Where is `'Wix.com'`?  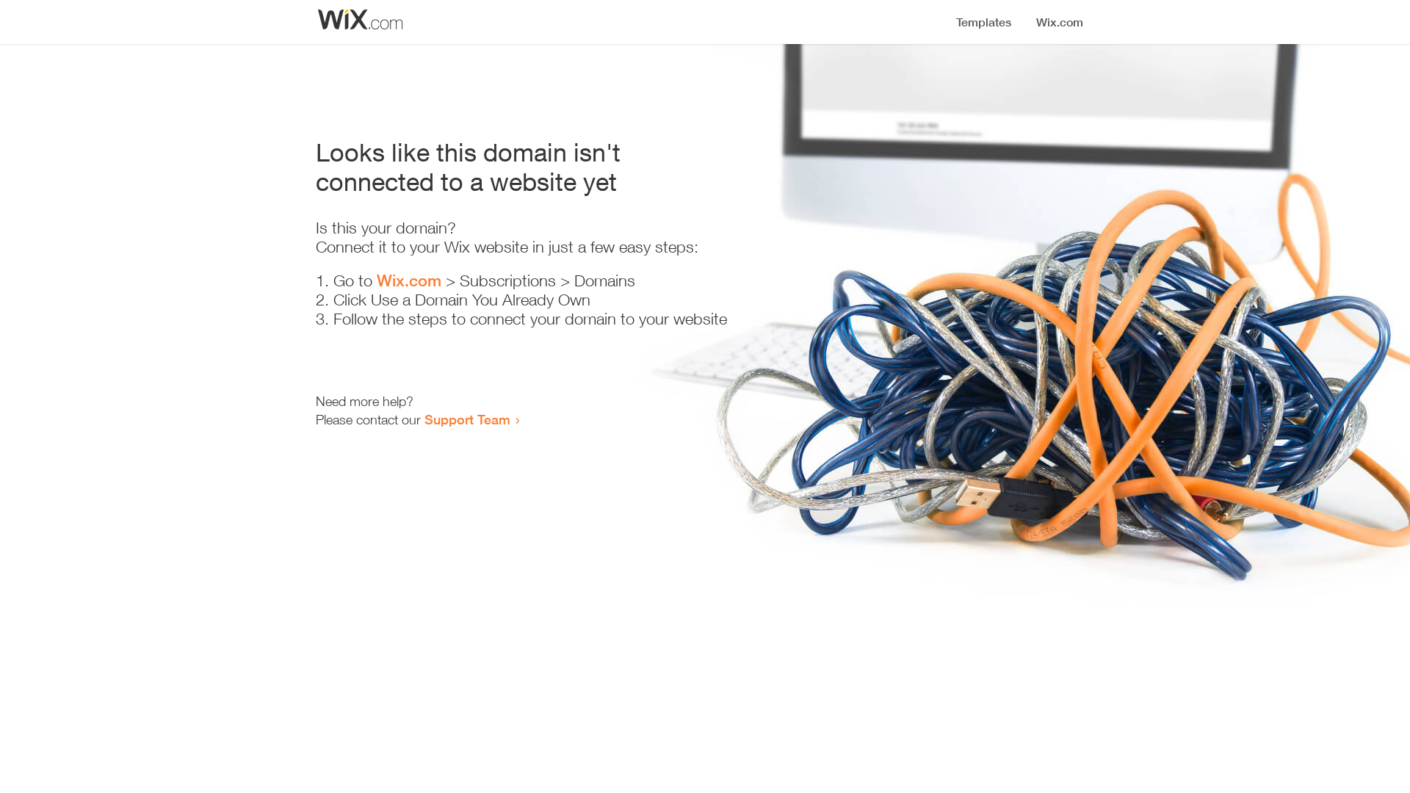 'Wix.com' is located at coordinates (408, 280).